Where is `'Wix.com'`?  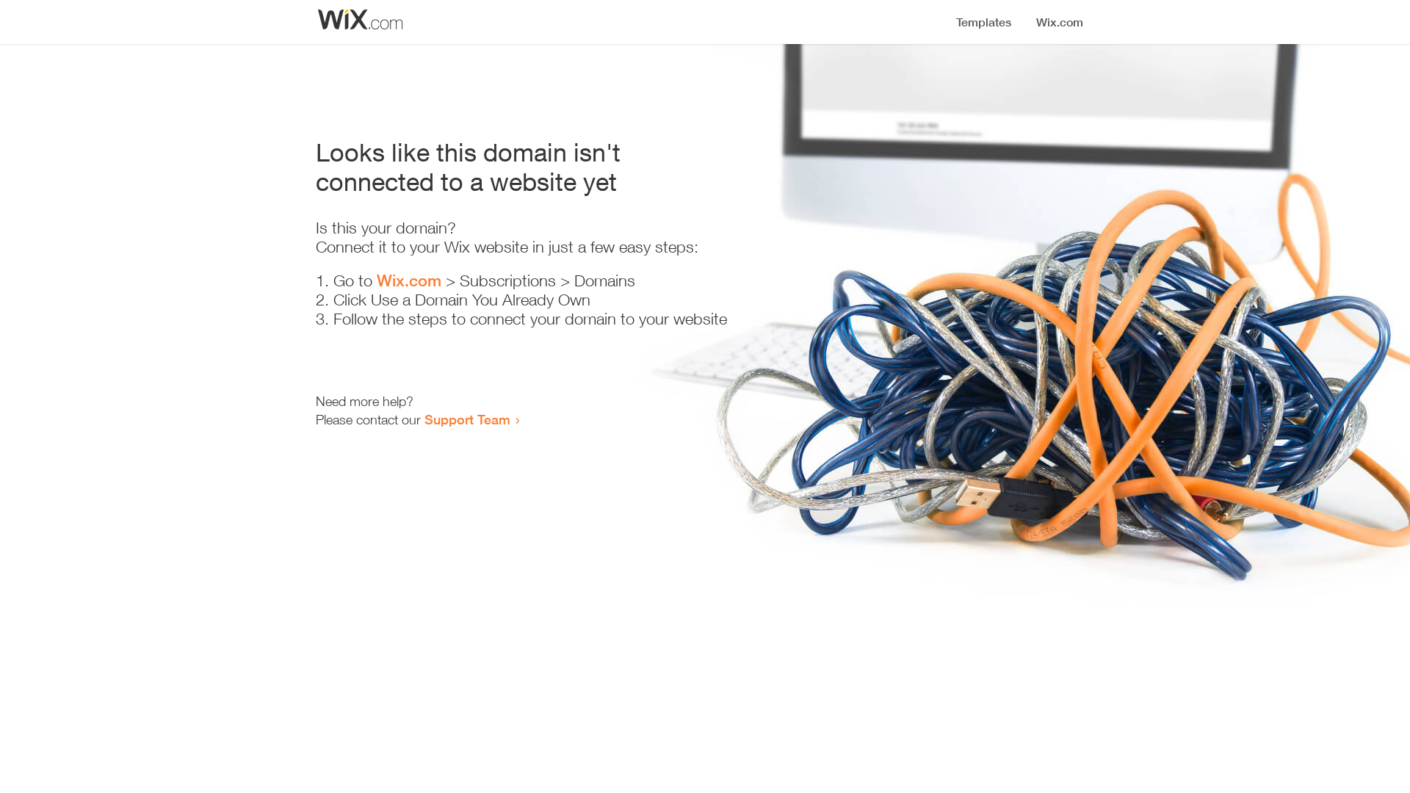 'Wix.com' is located at coordinates (408, 280).